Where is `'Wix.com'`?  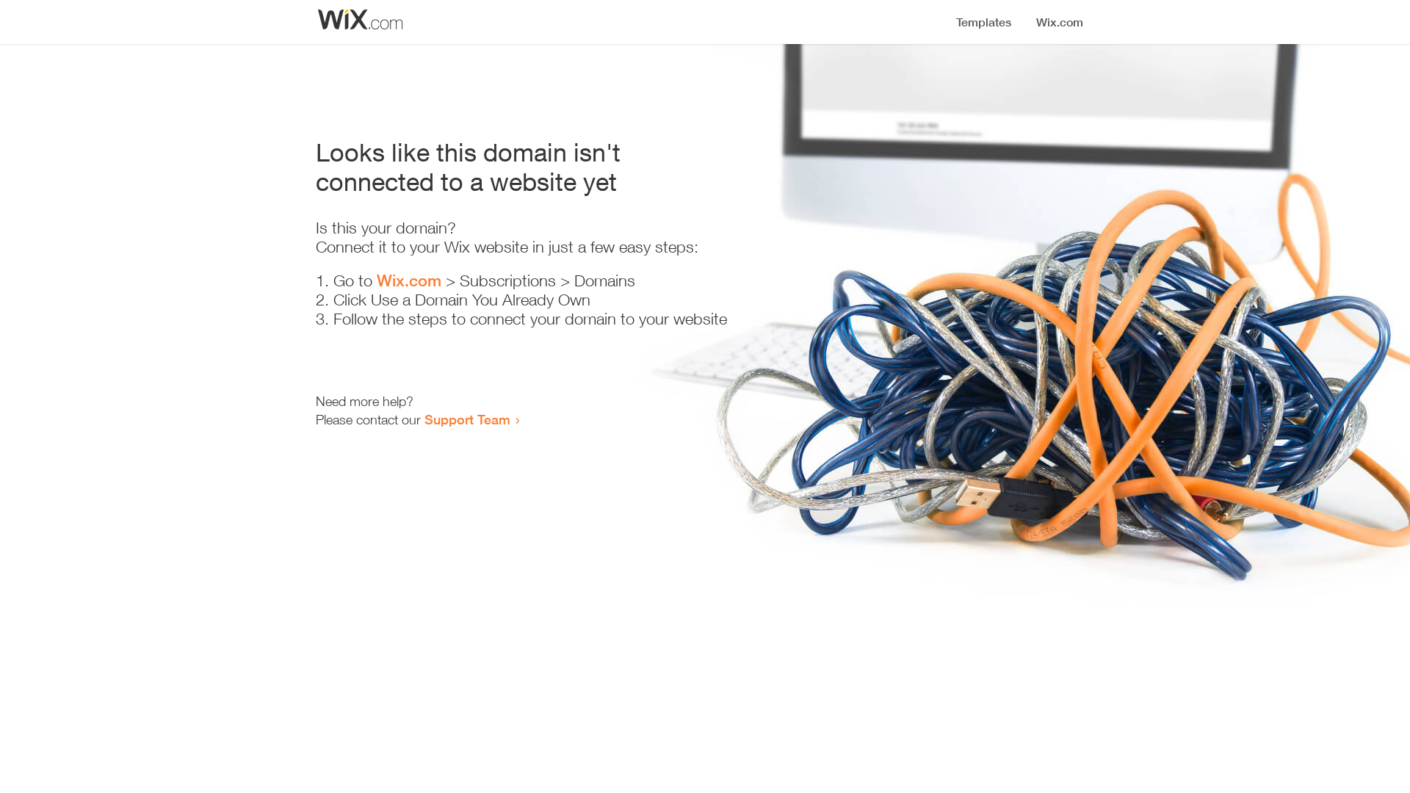 'Wix.com' is located at coordinates (408, 280).